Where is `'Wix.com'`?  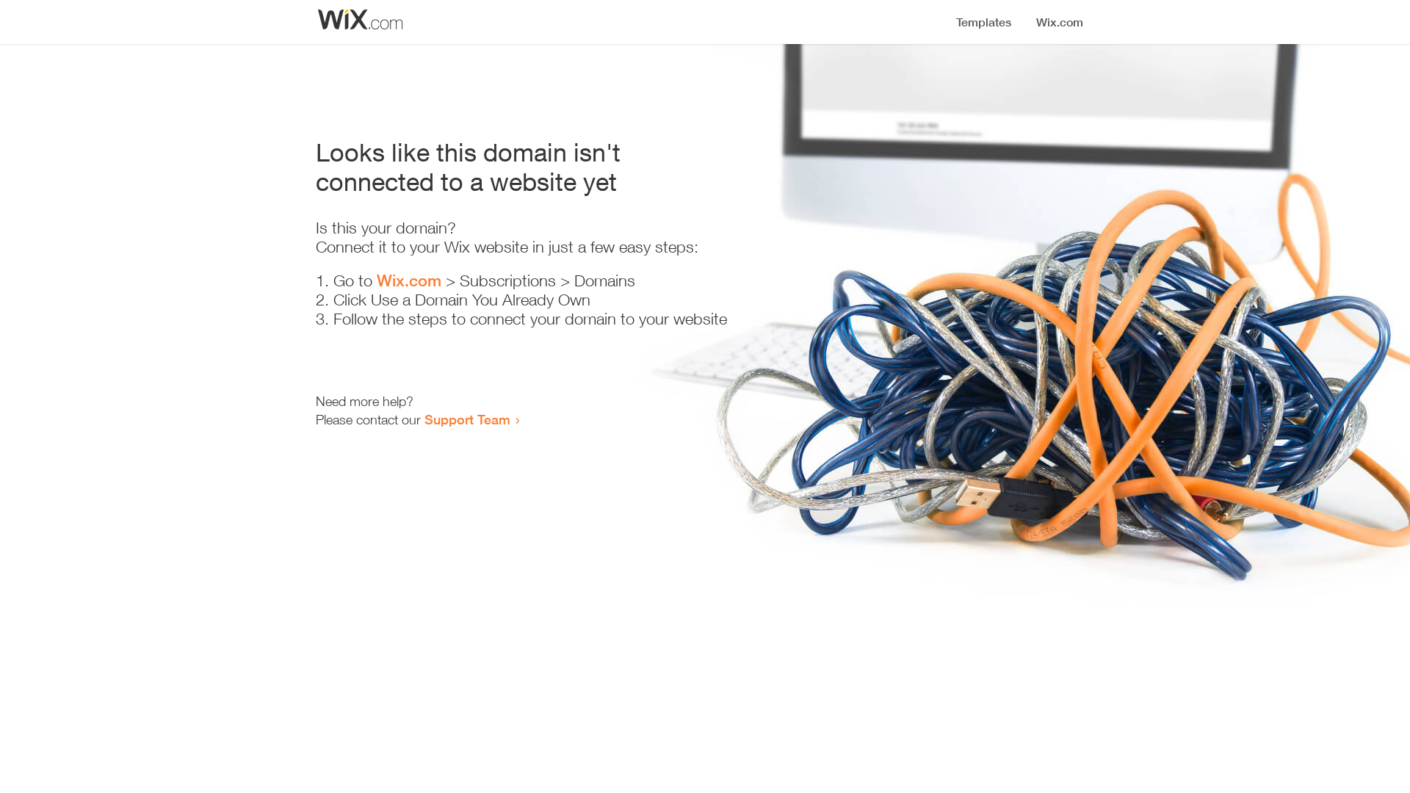 'Wix.com' is located at coordinates (408, 280).